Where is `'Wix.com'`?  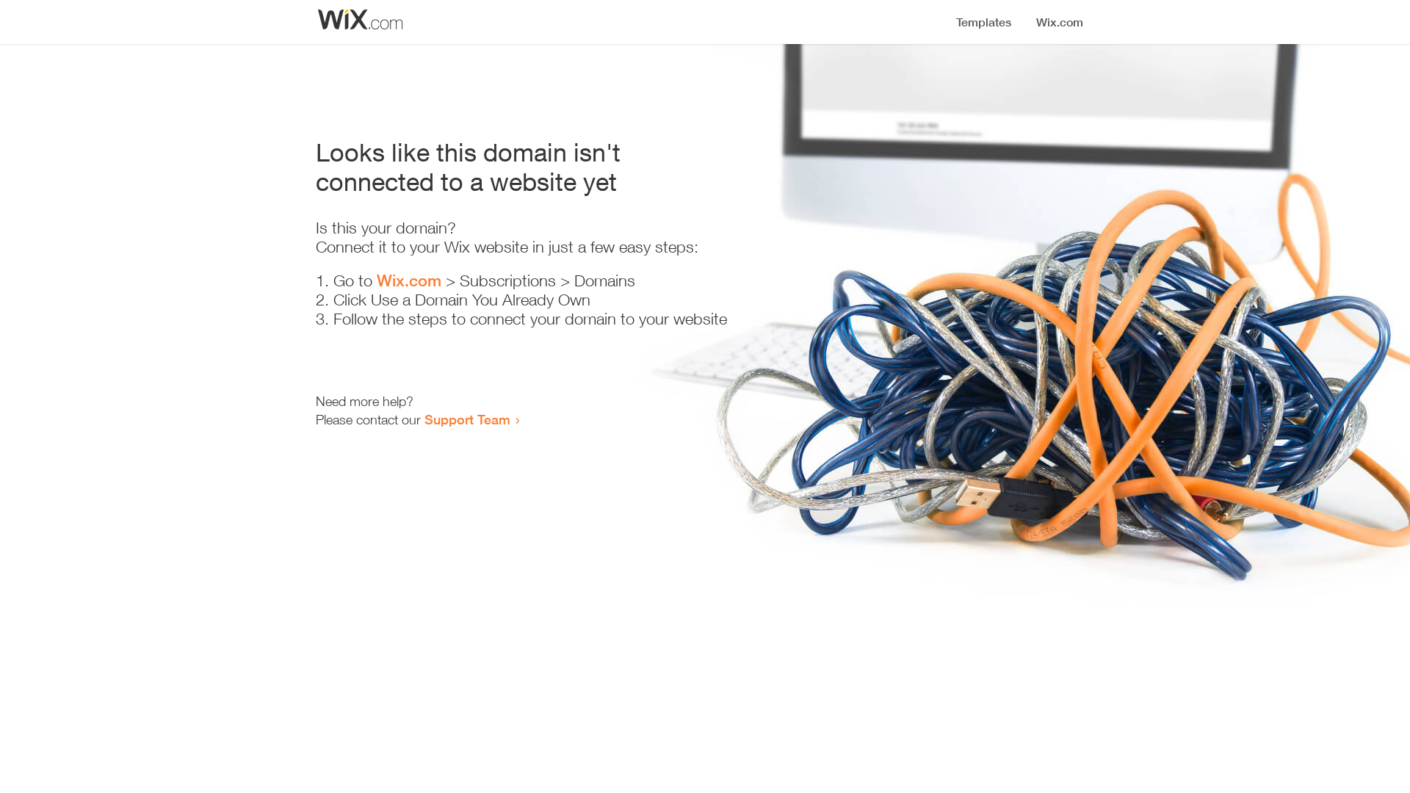 'Wix.com' is located at coordinates (408, 280).